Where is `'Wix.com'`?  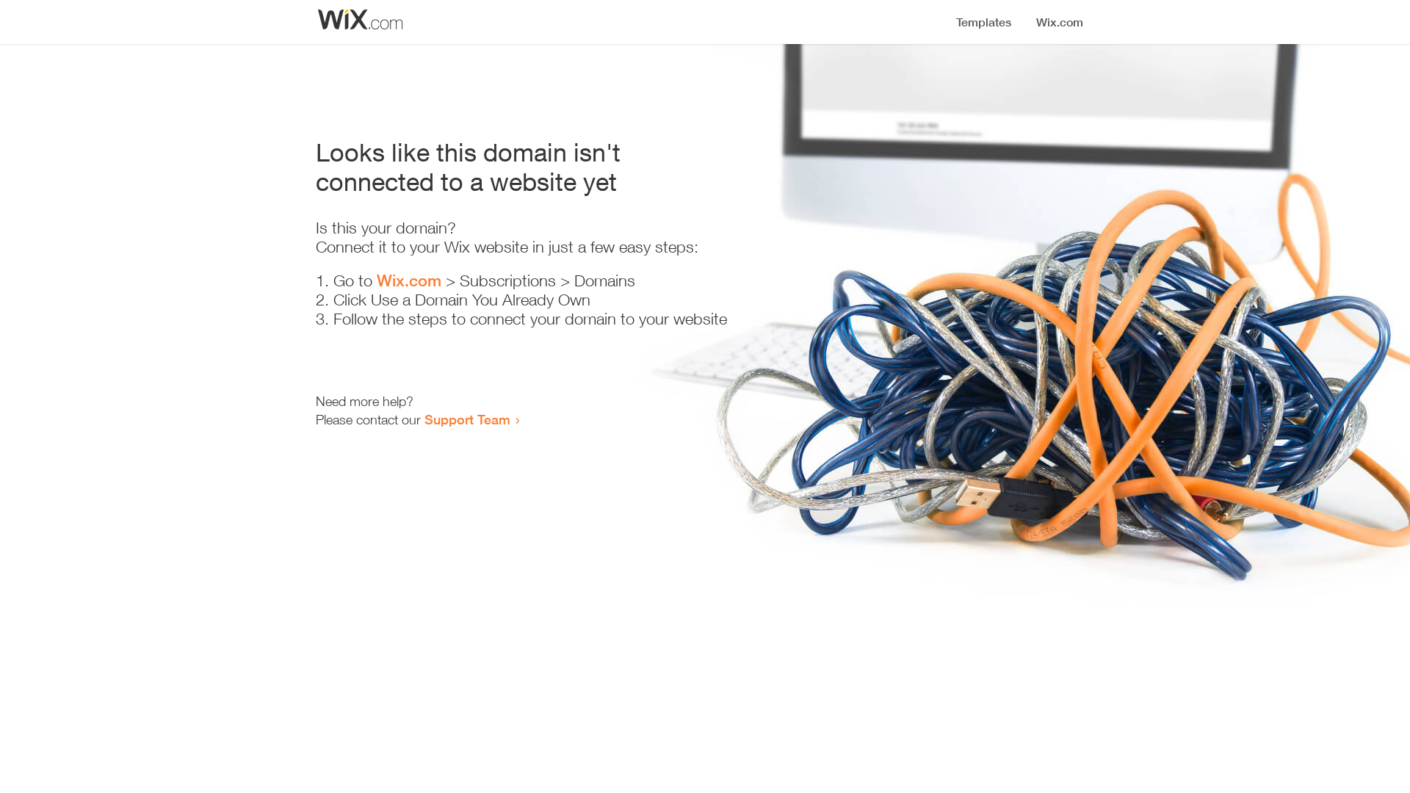 'Wix.com' is located at coordinates (408, 280).